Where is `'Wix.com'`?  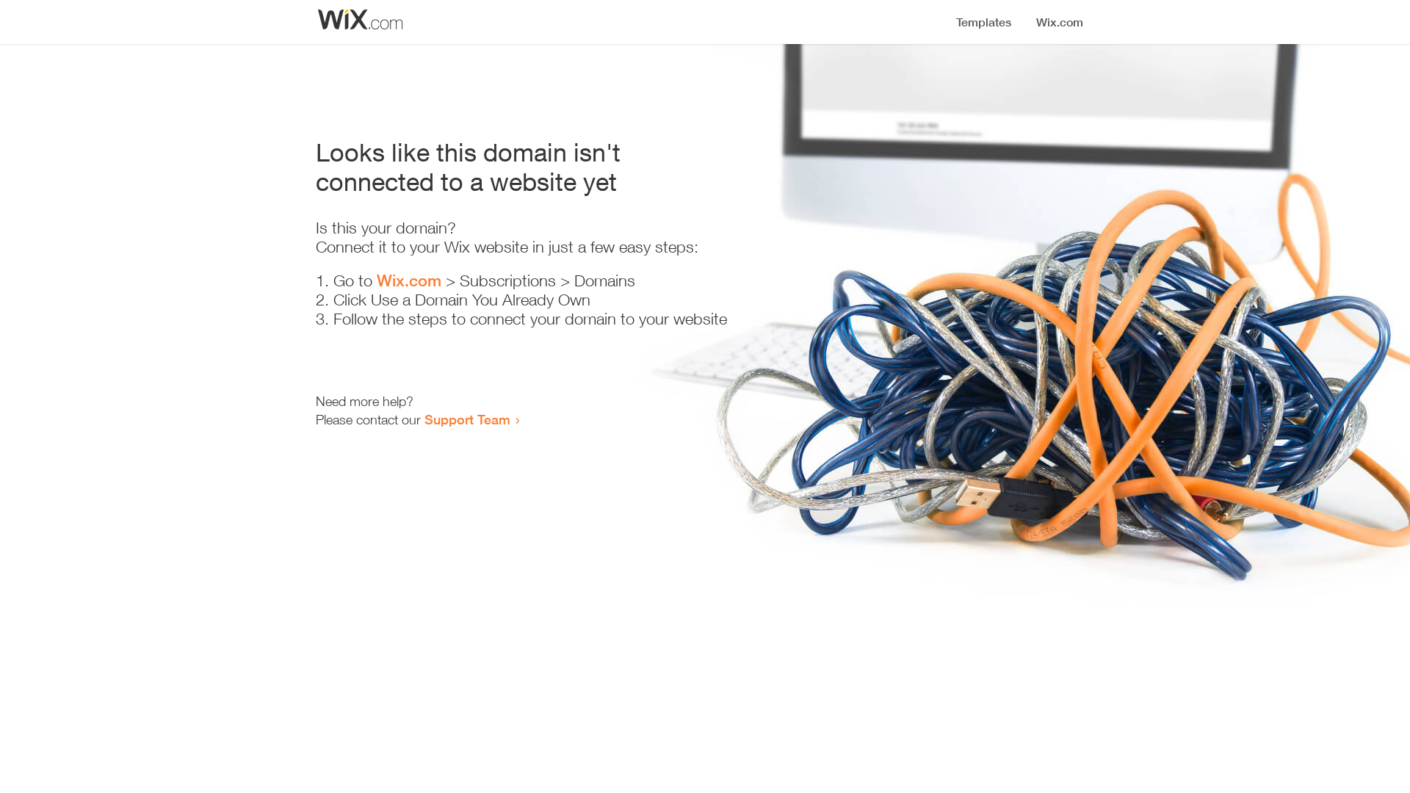 'Wix.com' is located at coordinates (408, 280).